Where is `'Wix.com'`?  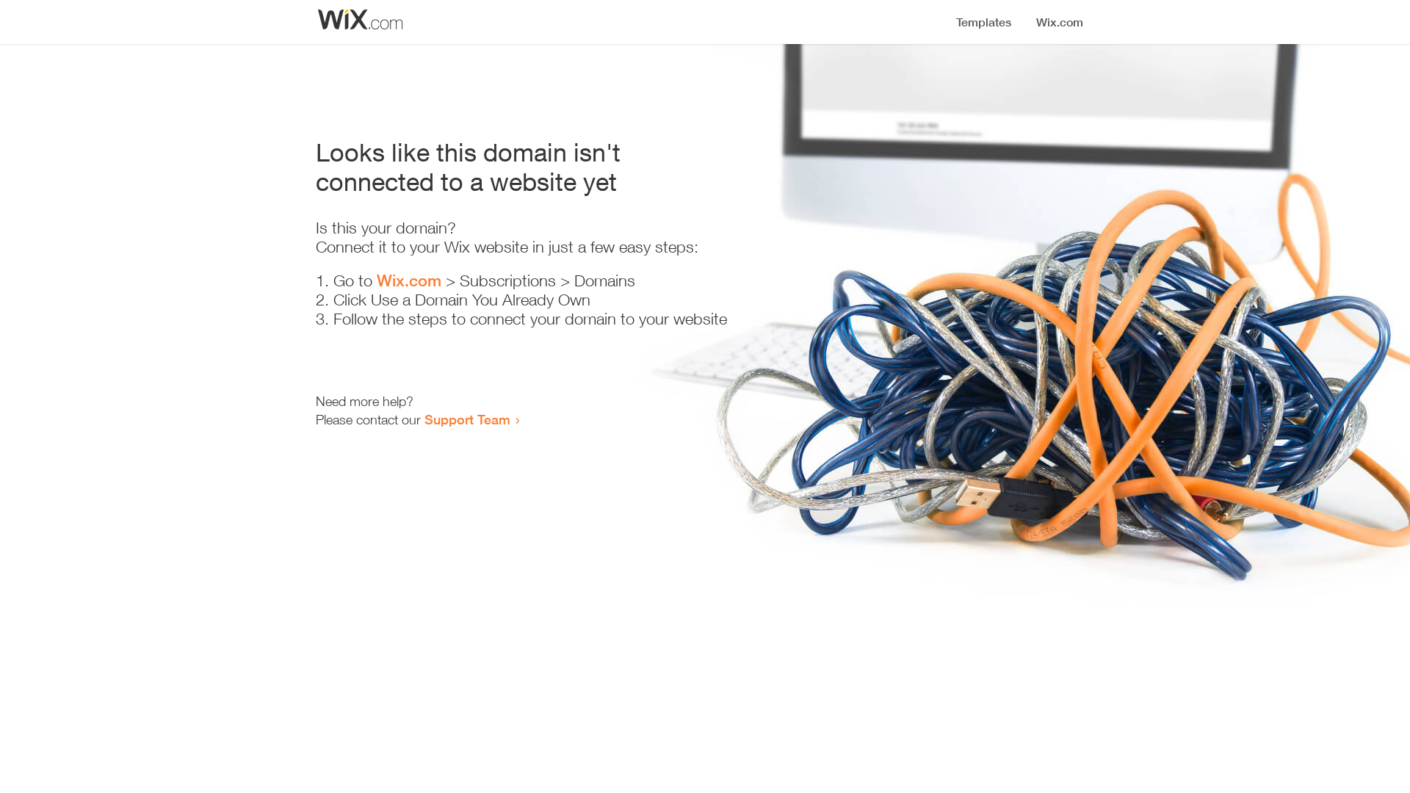 'Wix.com' is located at coordinates (408, 280).